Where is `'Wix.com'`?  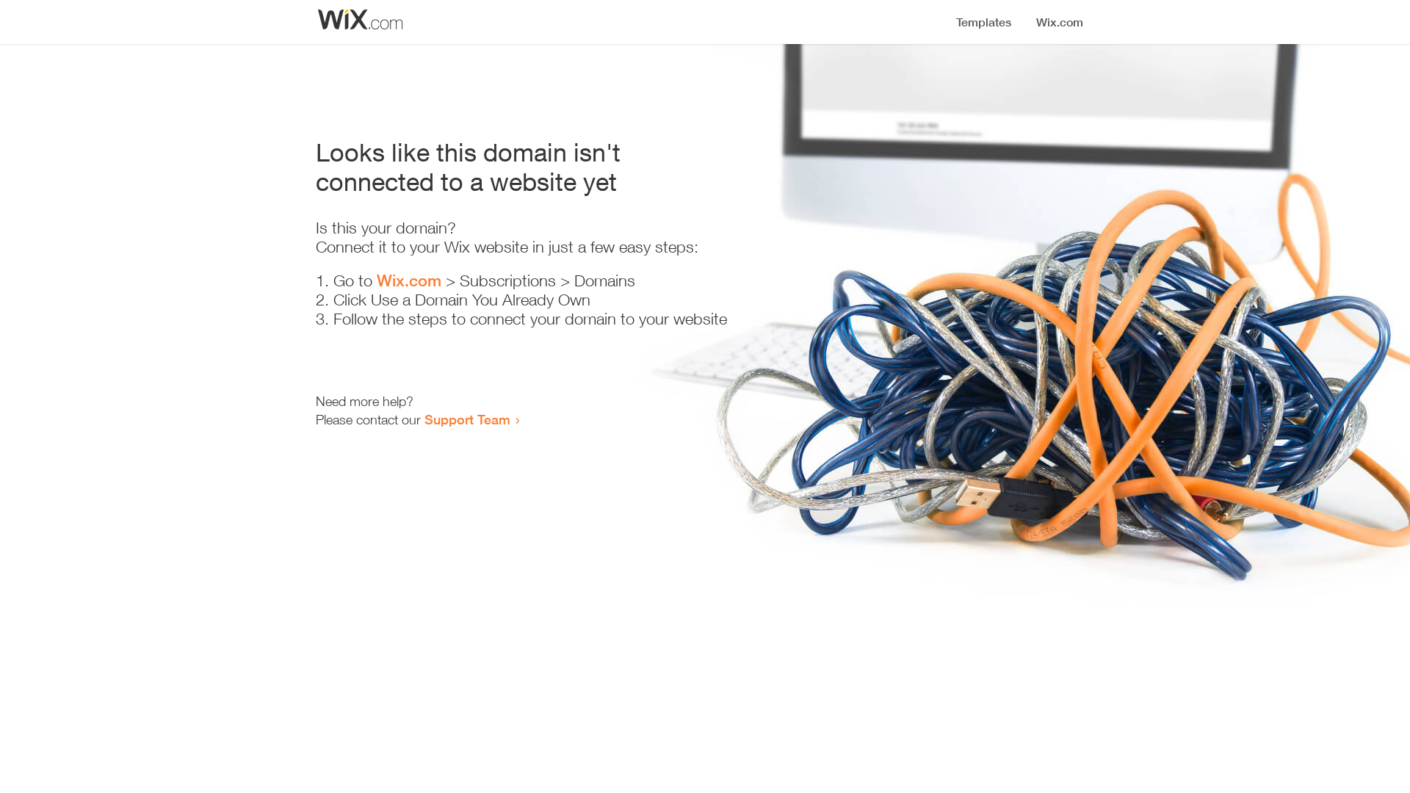 'Wix.com' is located at coordinates (408, 280).